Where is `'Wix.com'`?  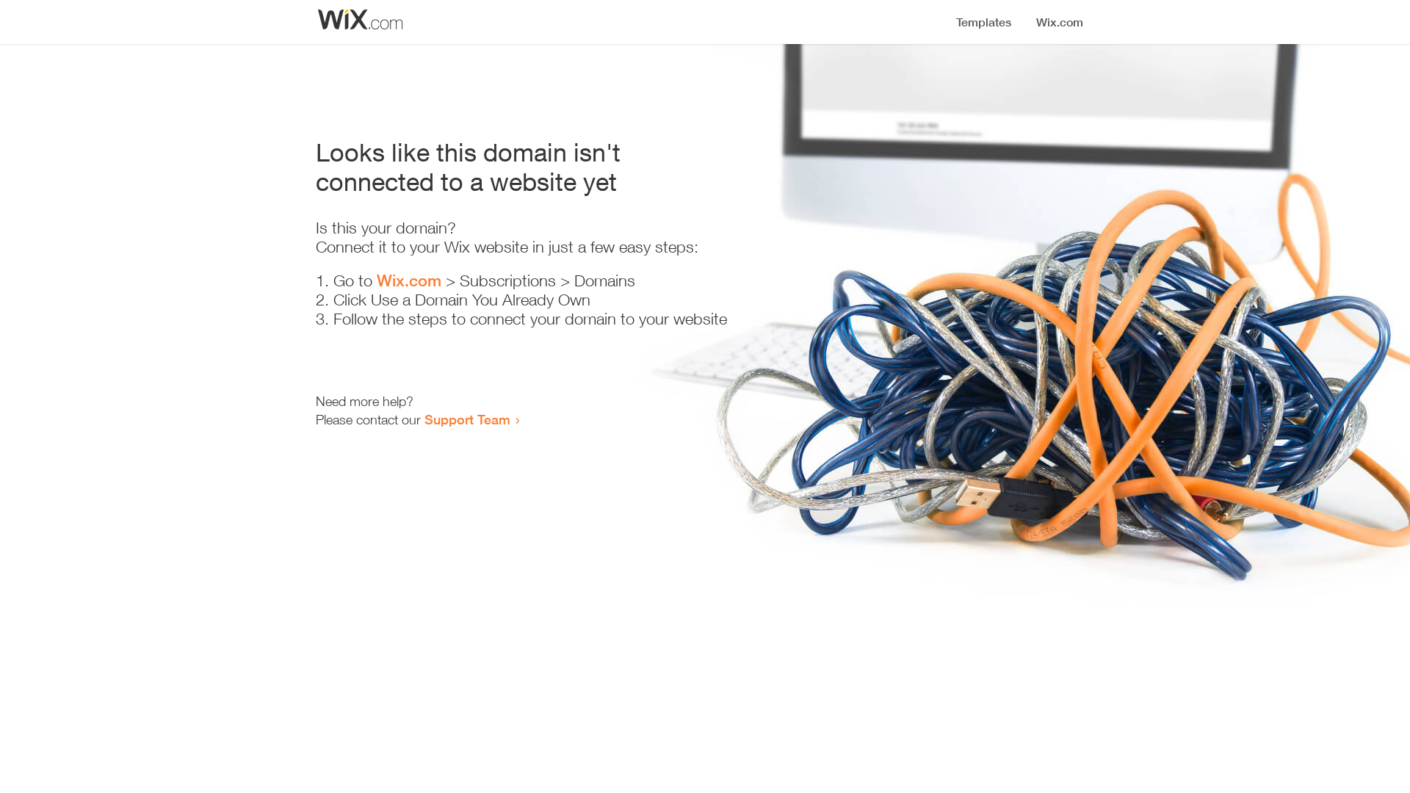 'Wix.com' is located at coordinates (408, 280).